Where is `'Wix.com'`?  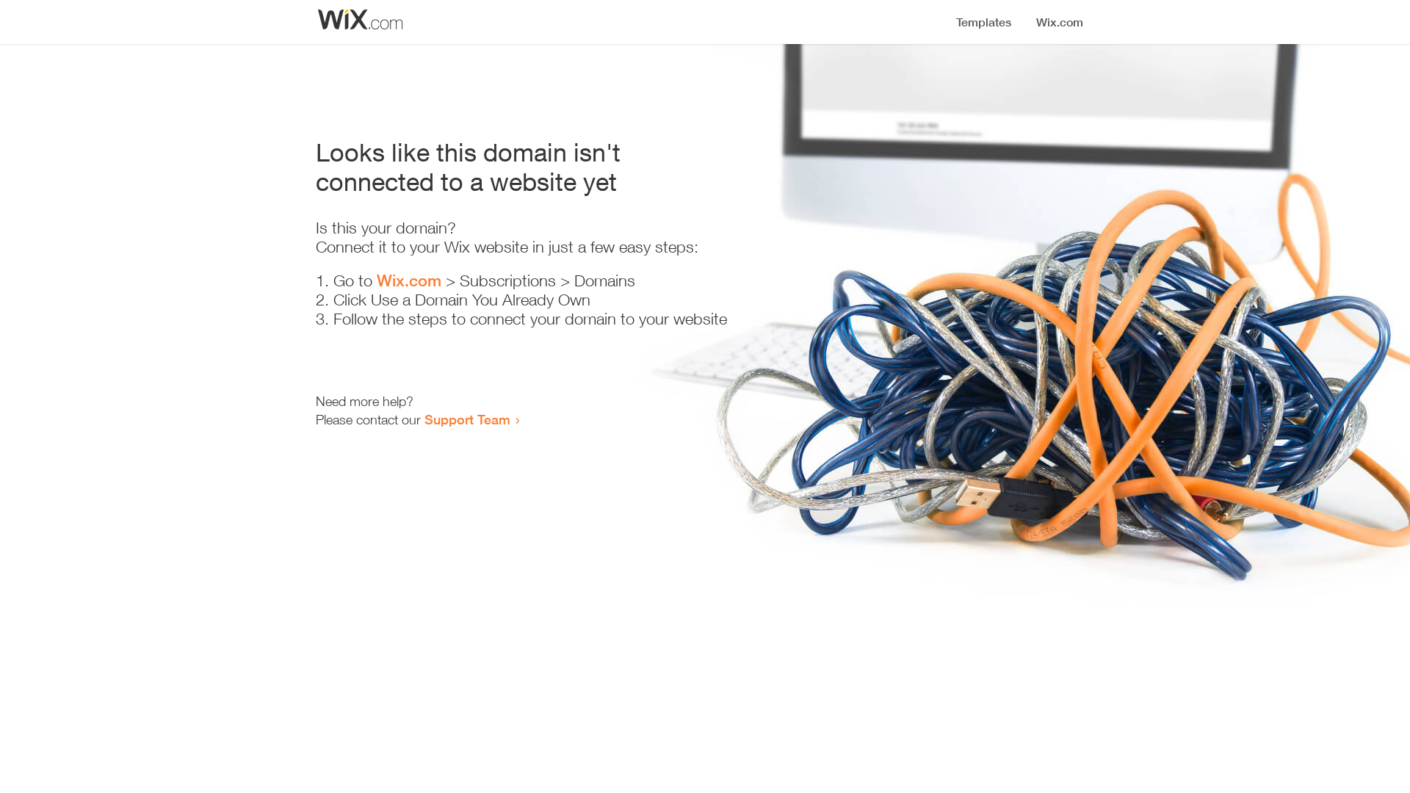 'Wix.com' is located at coordinates (408, 280).